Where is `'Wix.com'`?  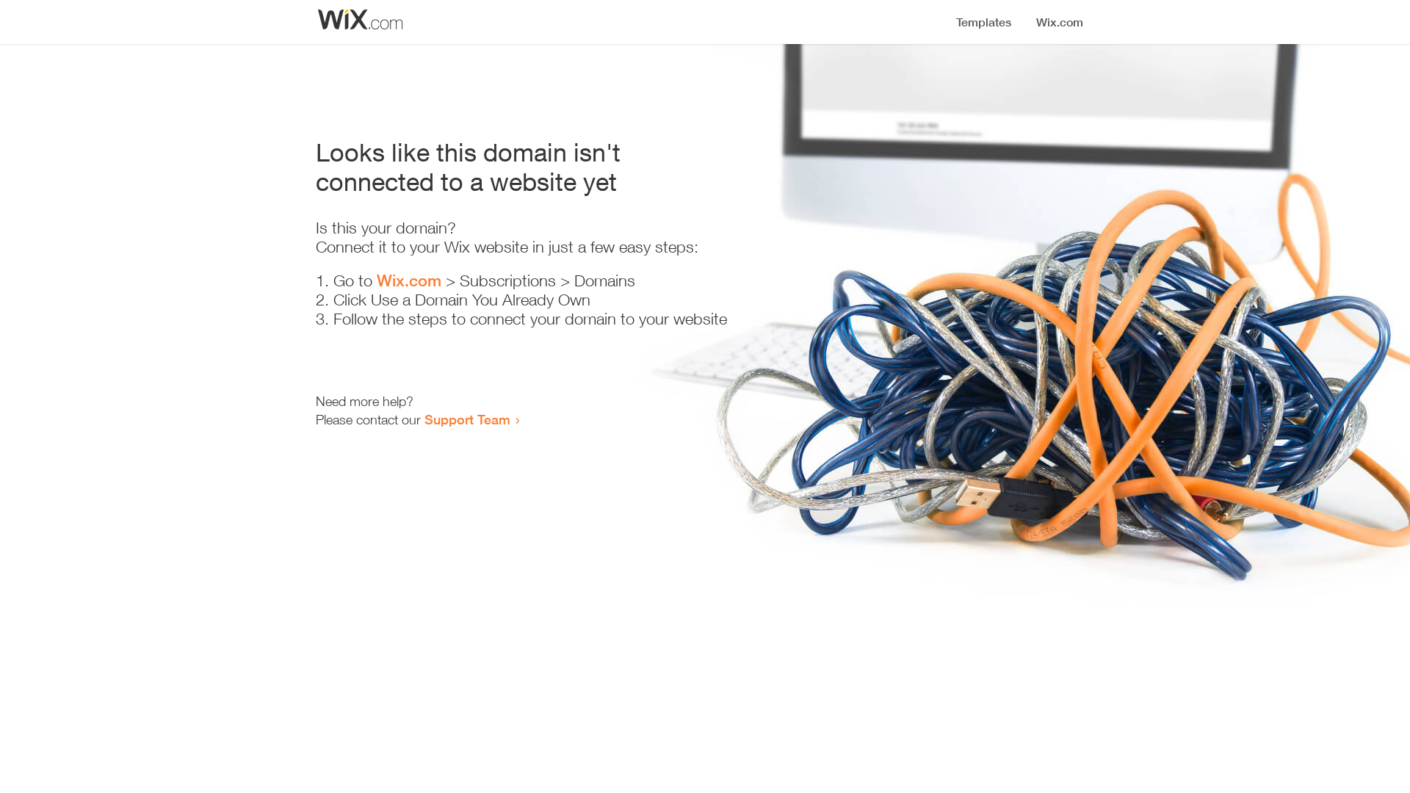 'Wix.com' is located at coordinates (408, 280).